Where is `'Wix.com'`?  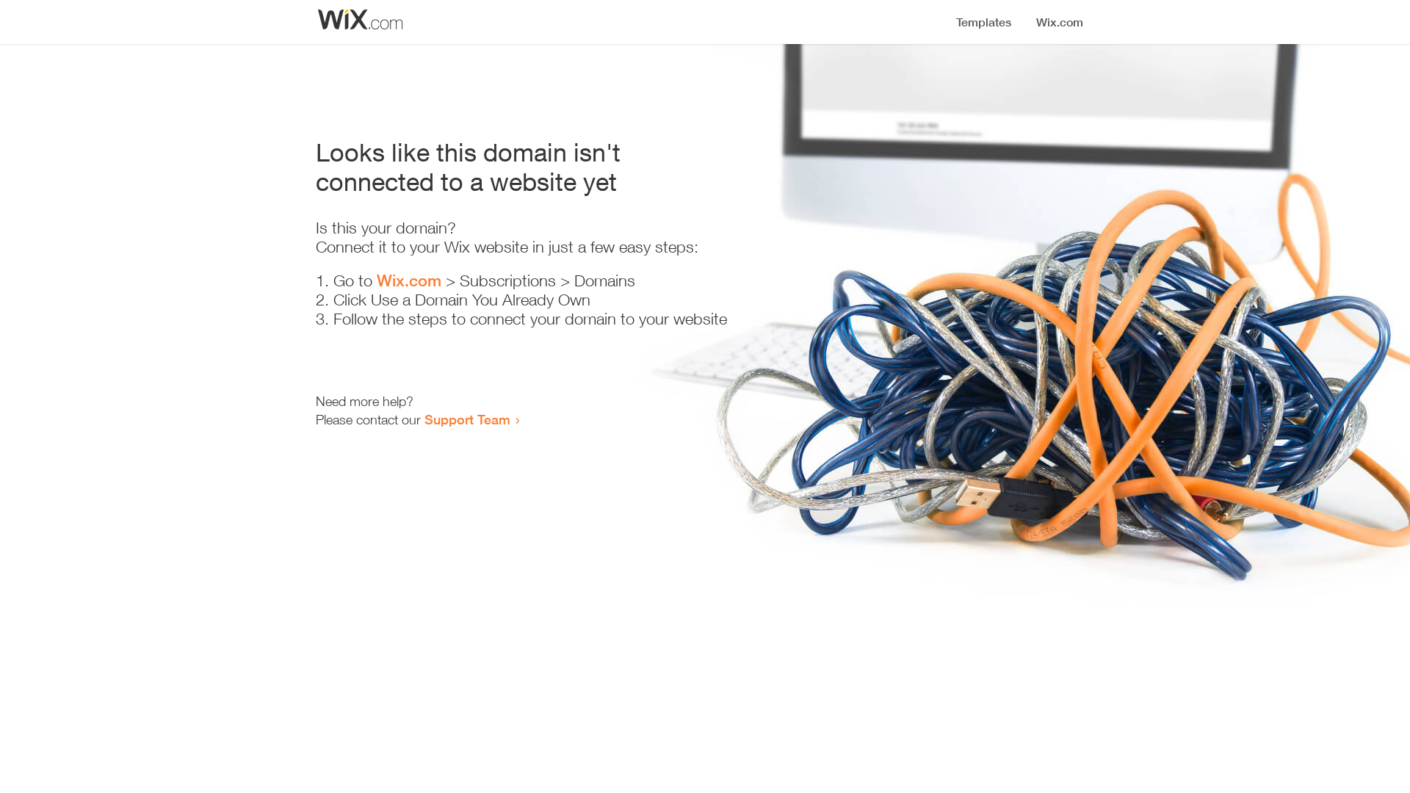 'Wix.com' is located at coordinates (408, 280).